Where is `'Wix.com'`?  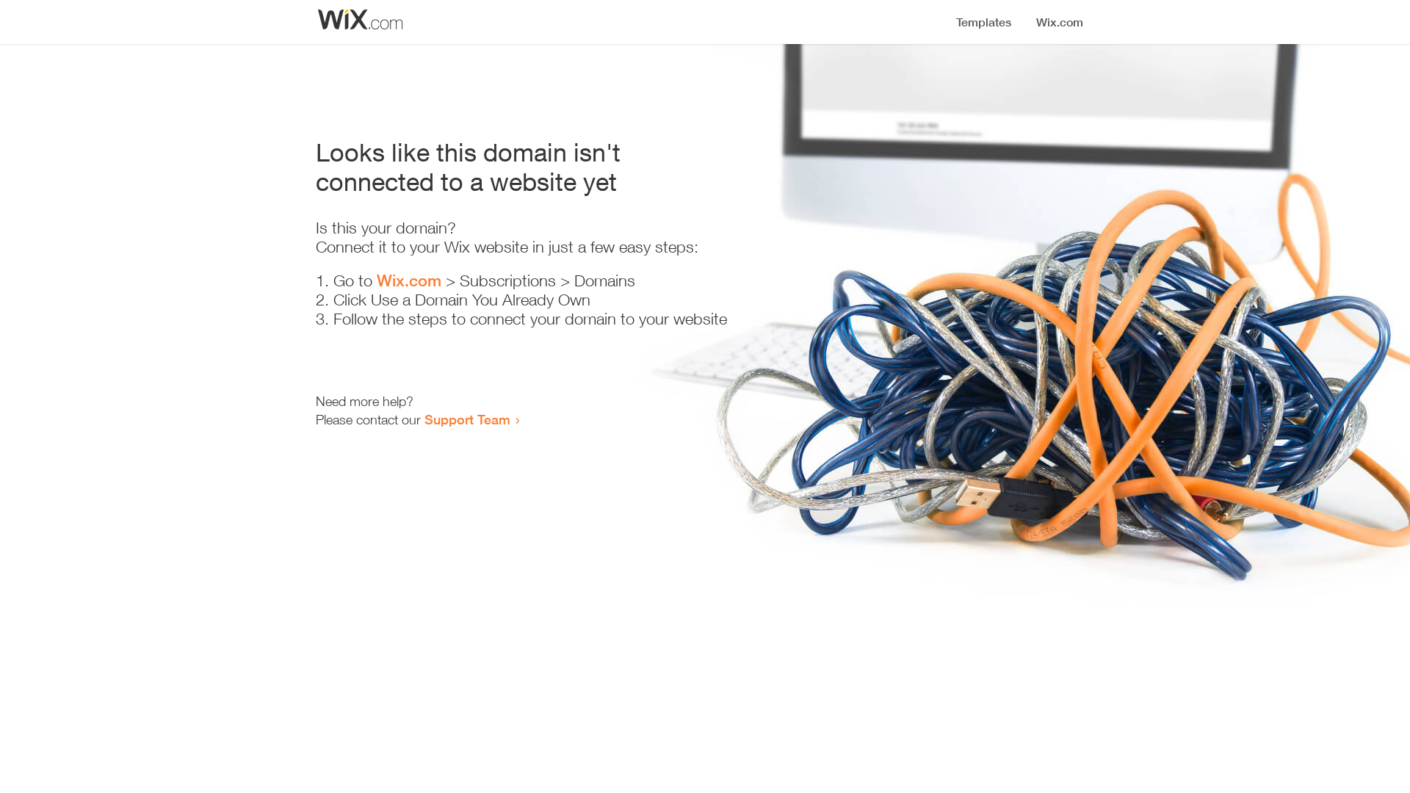 'Wix.com' is located at coordinates (408, 280).